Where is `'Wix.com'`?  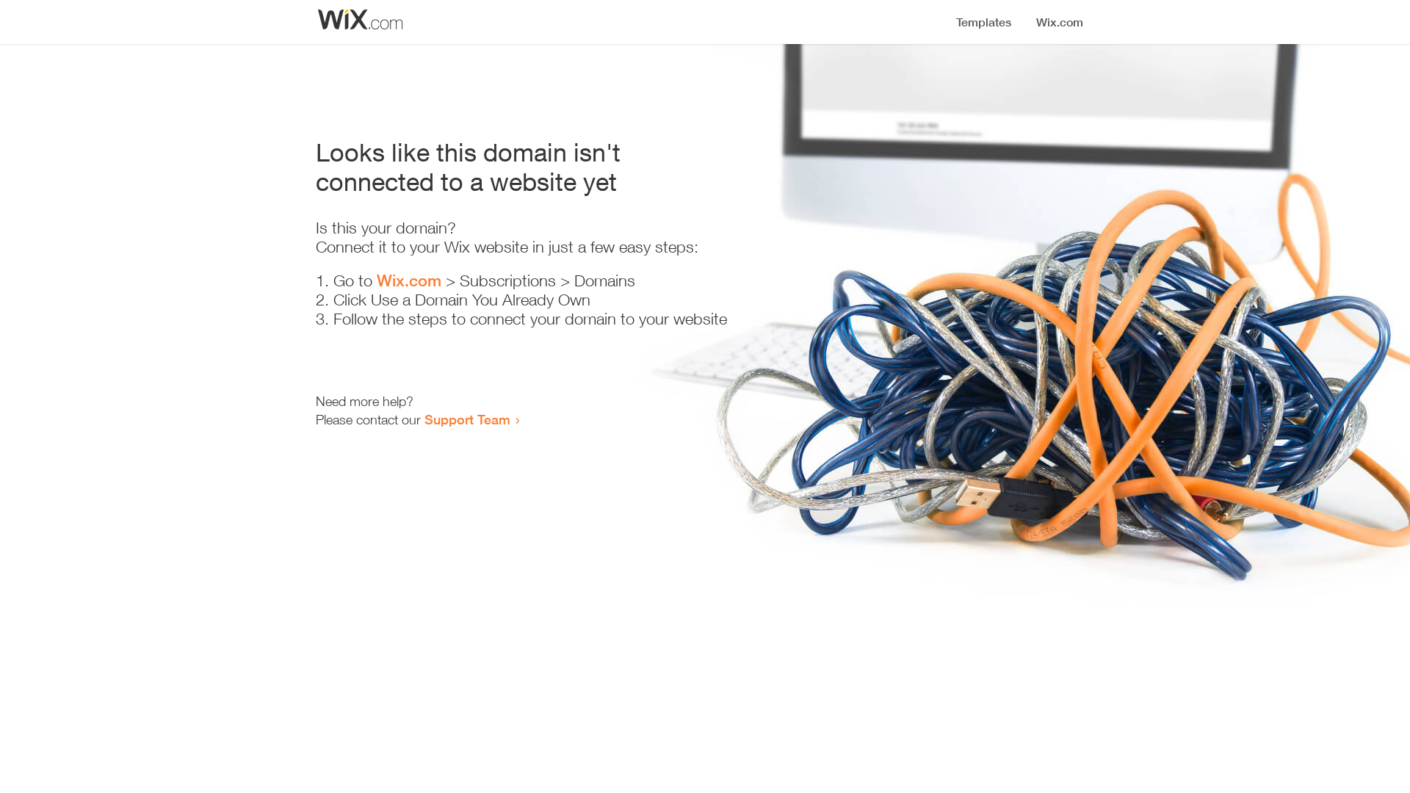 'Wix.com' is located at coordinates (408, 280).